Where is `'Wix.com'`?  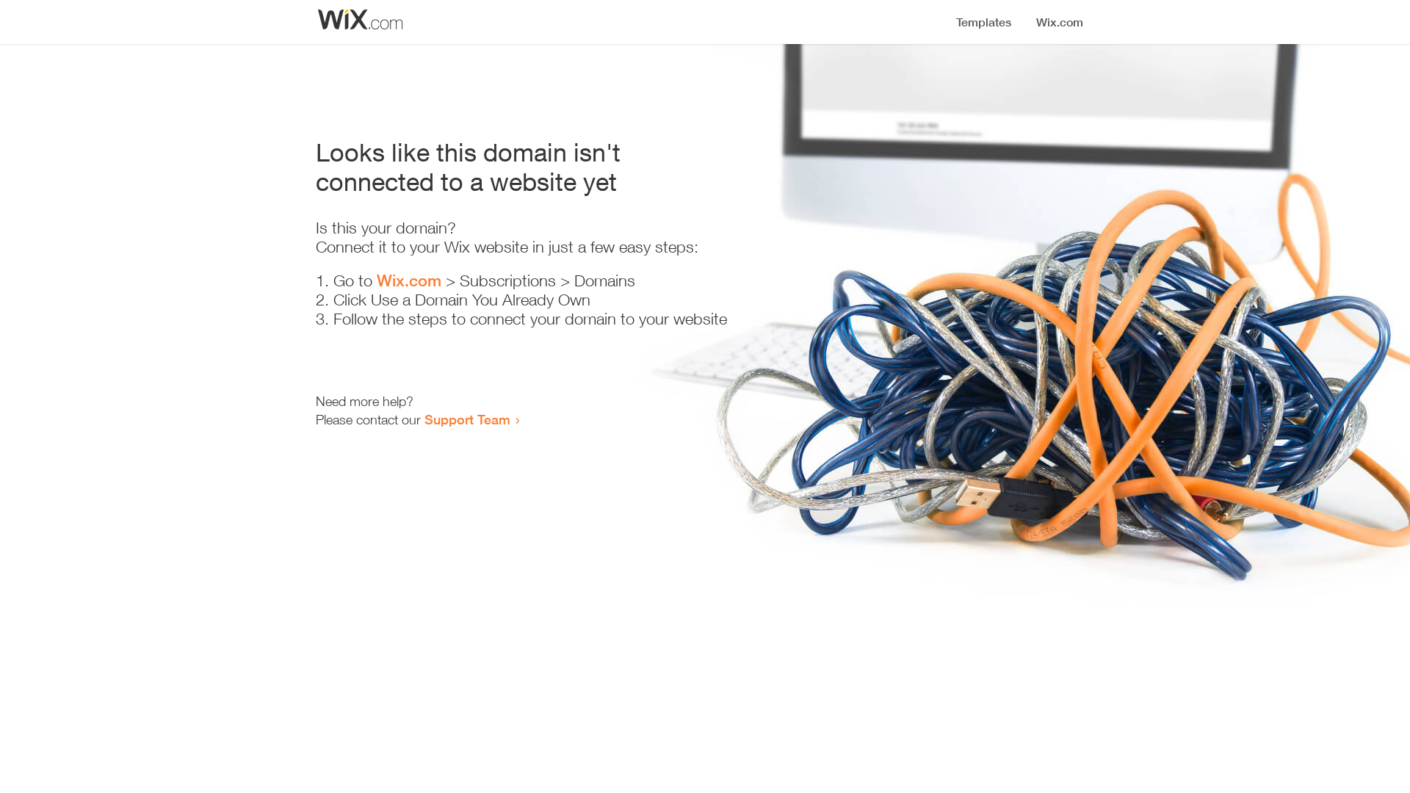 'Wix.com' is located at coordinates (408, 280).